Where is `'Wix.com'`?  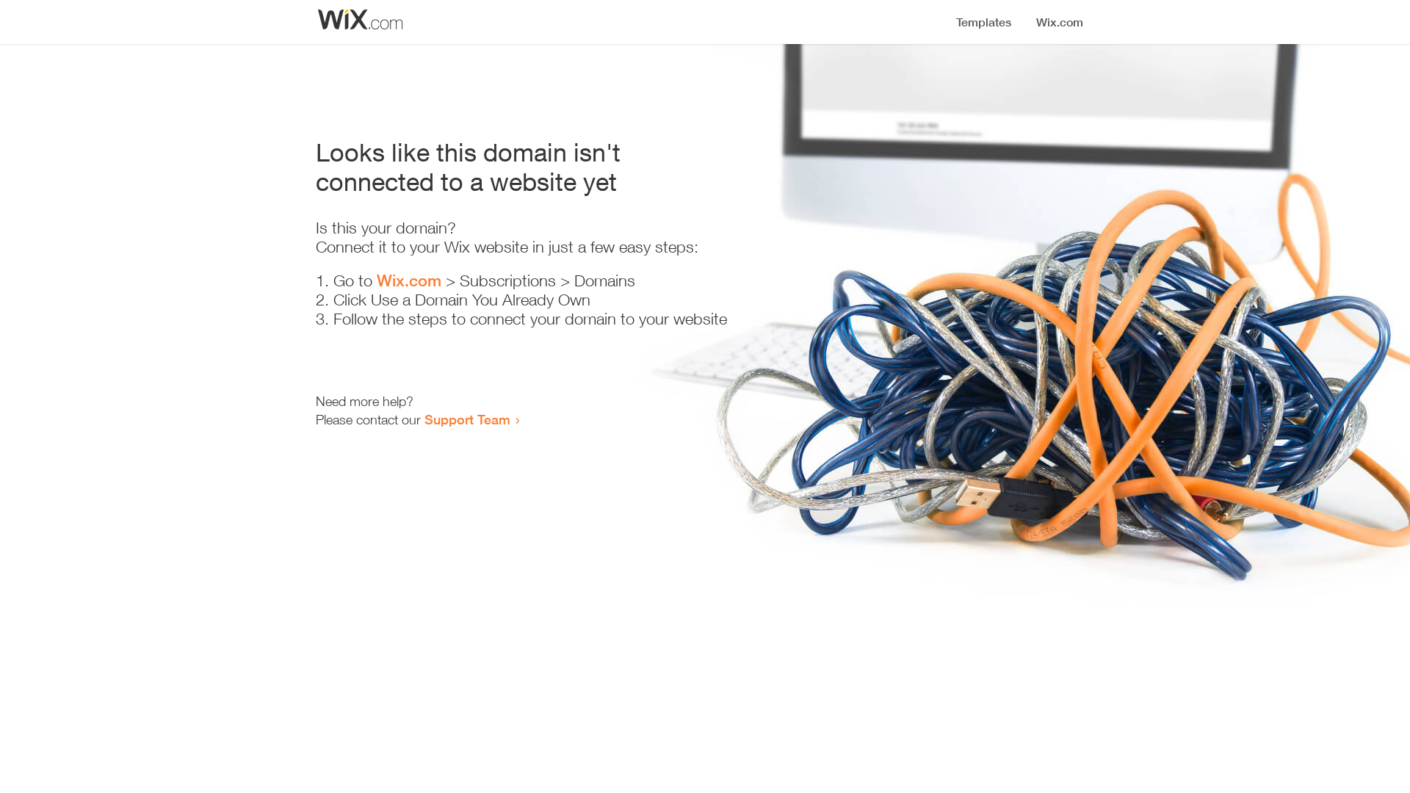 'Wix.com' is located at coordinates (408, 280).